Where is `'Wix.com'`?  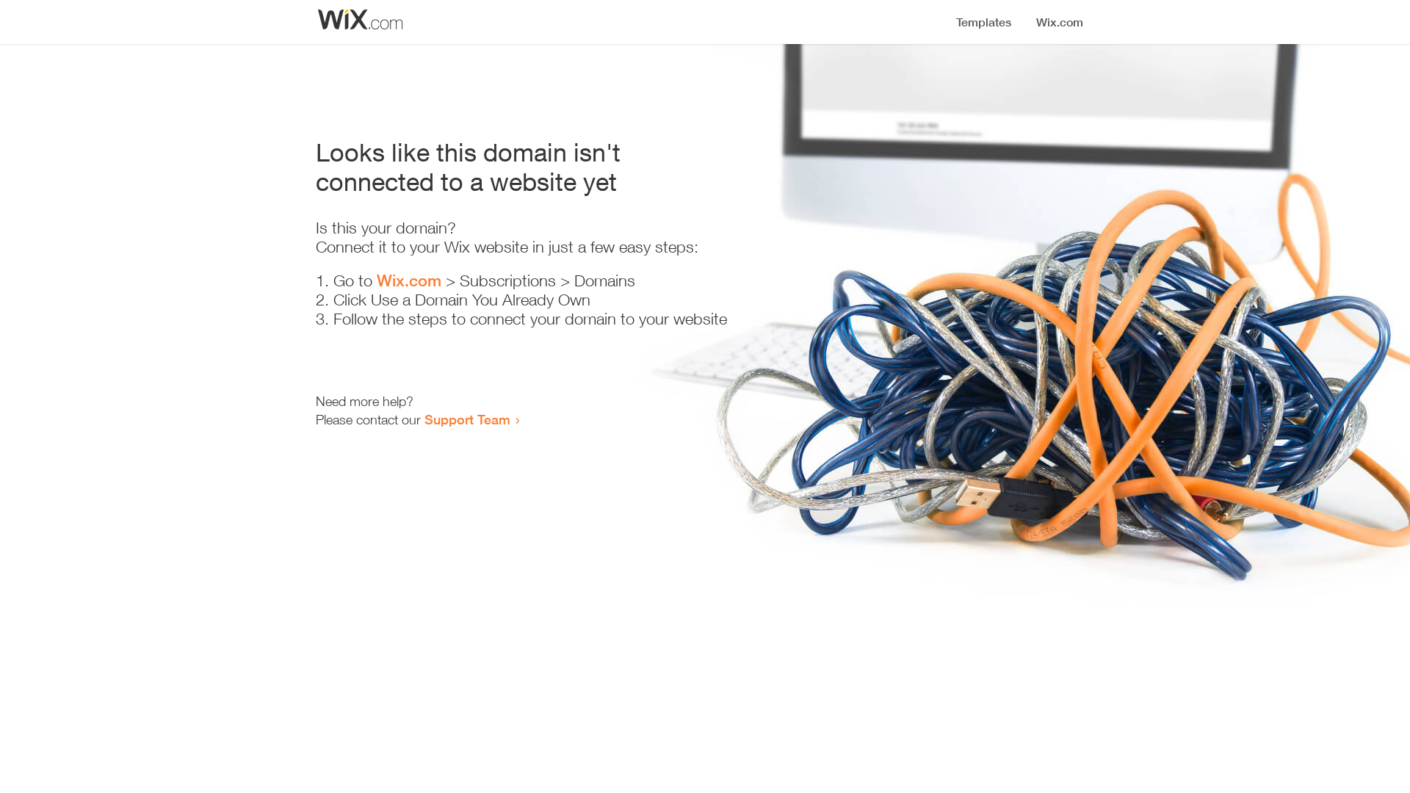 'Wix.com' is located at coordinates (408, 280).